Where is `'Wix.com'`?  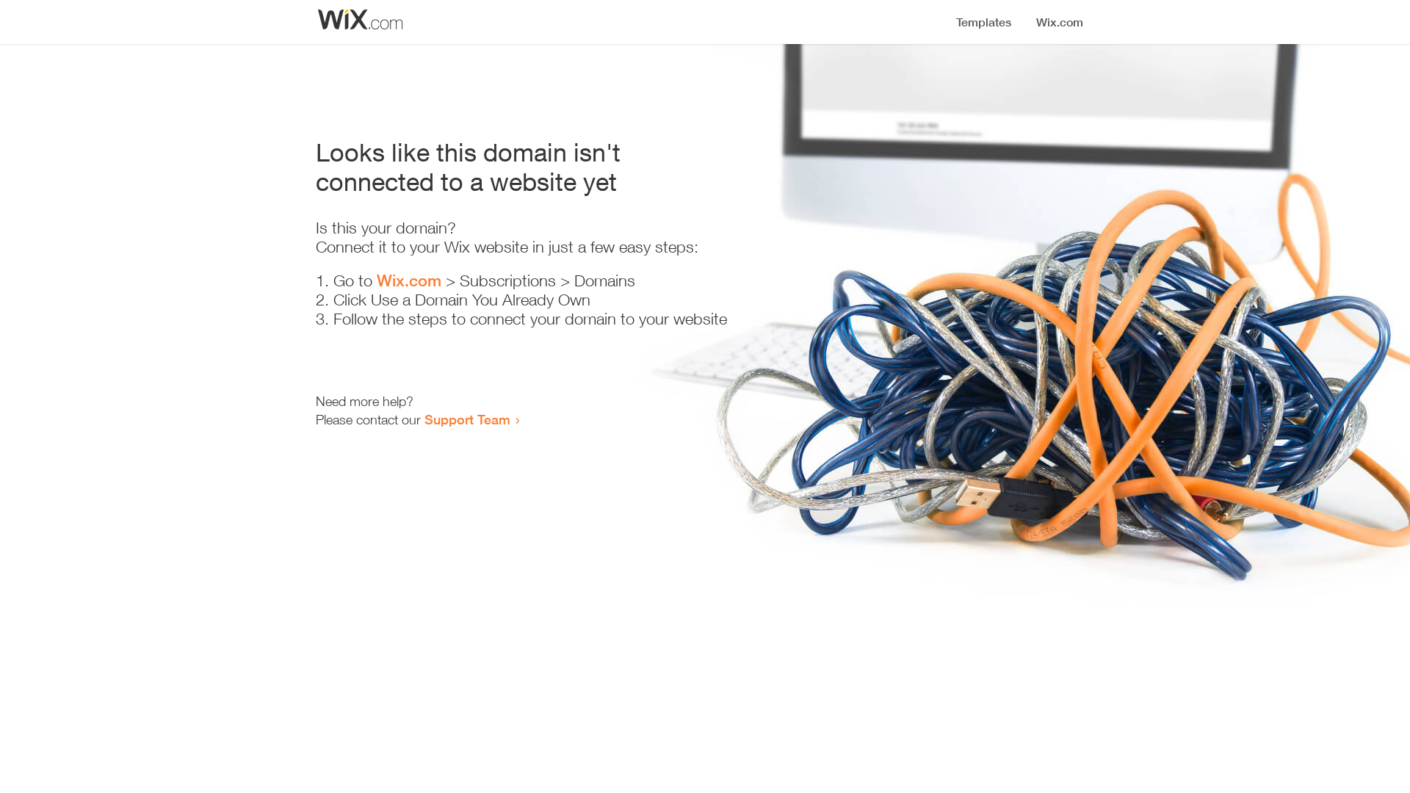 'Wix.com' is located at coordinates (408, 280).